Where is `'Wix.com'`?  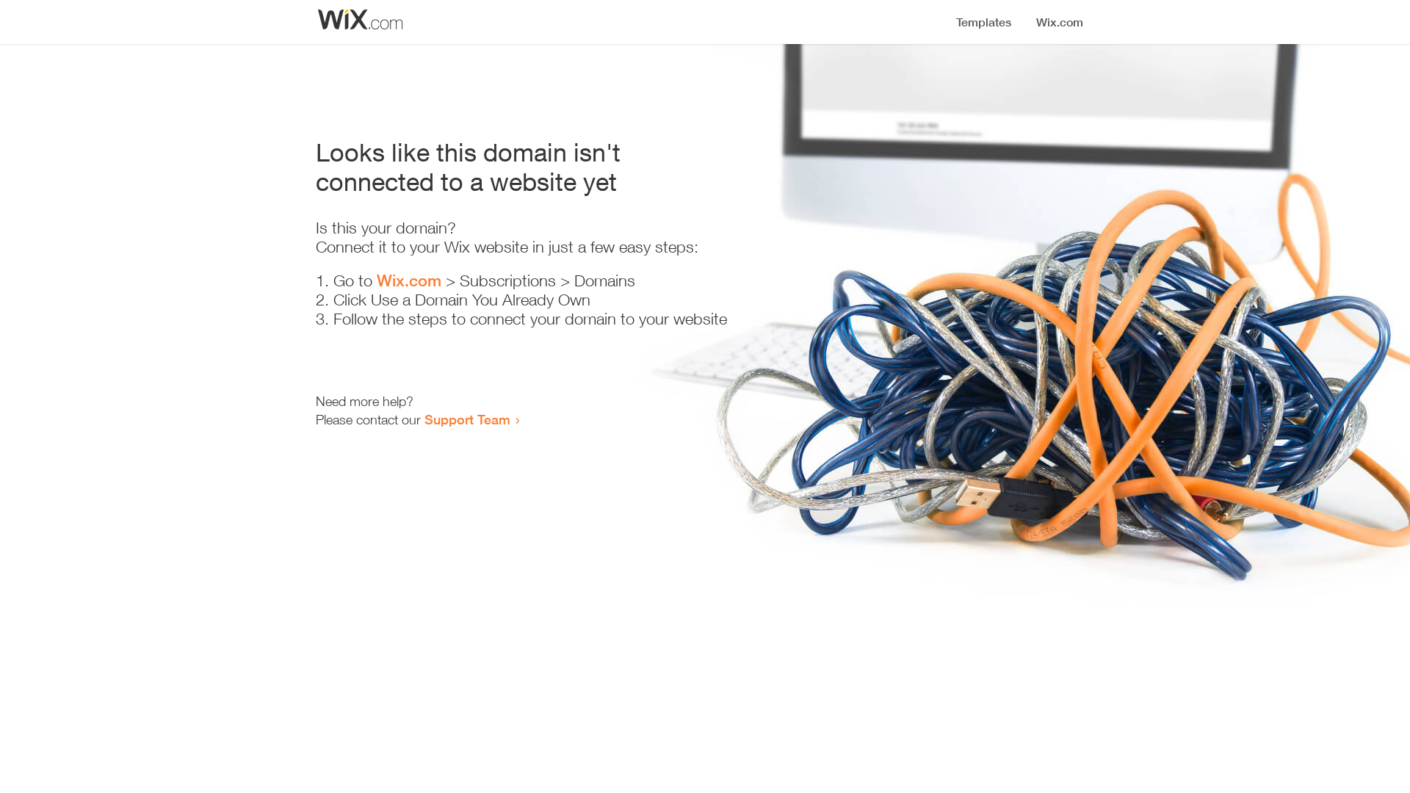 'Wix.com' is located at coordinates (408, 280).